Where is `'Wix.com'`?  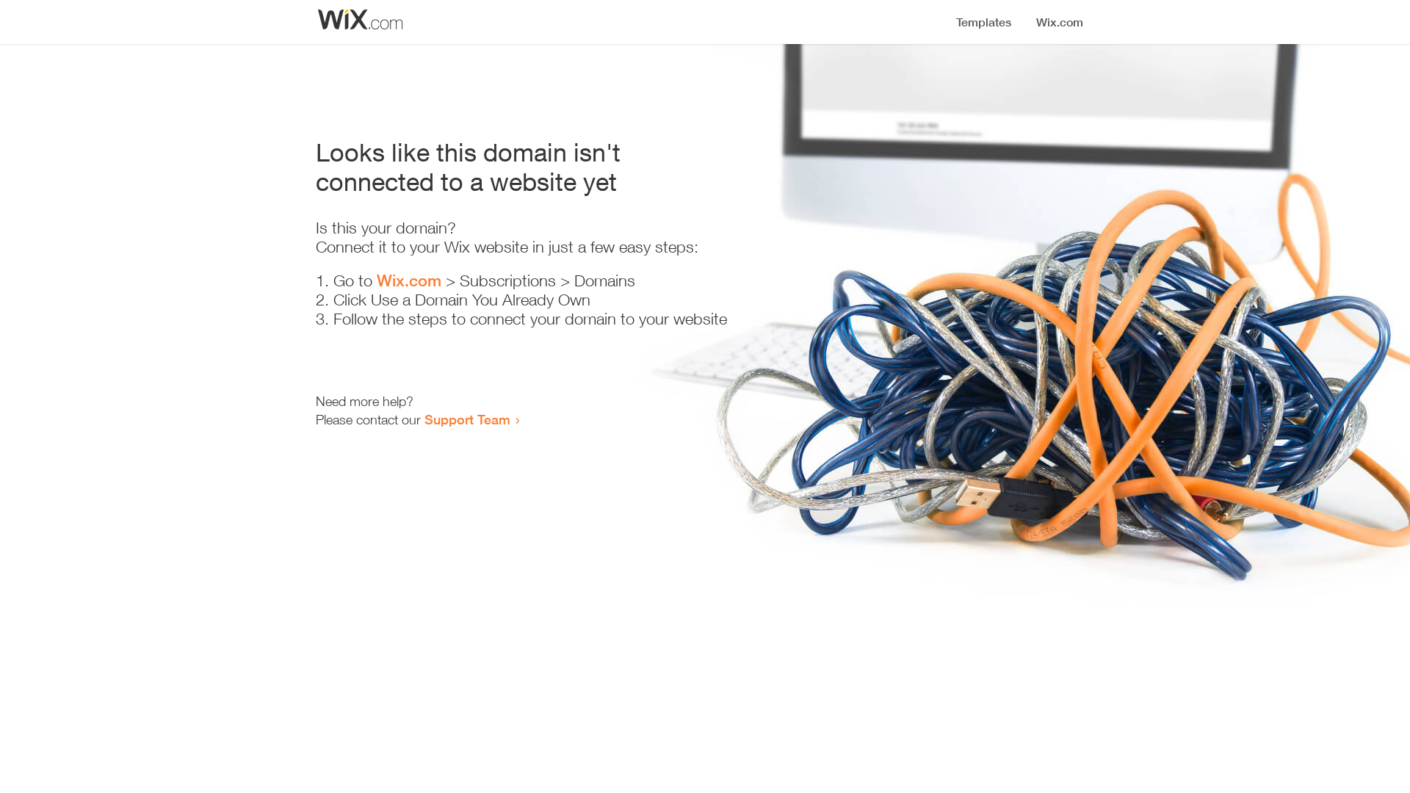 'Wix.com' is located at coordinates (408, 280).